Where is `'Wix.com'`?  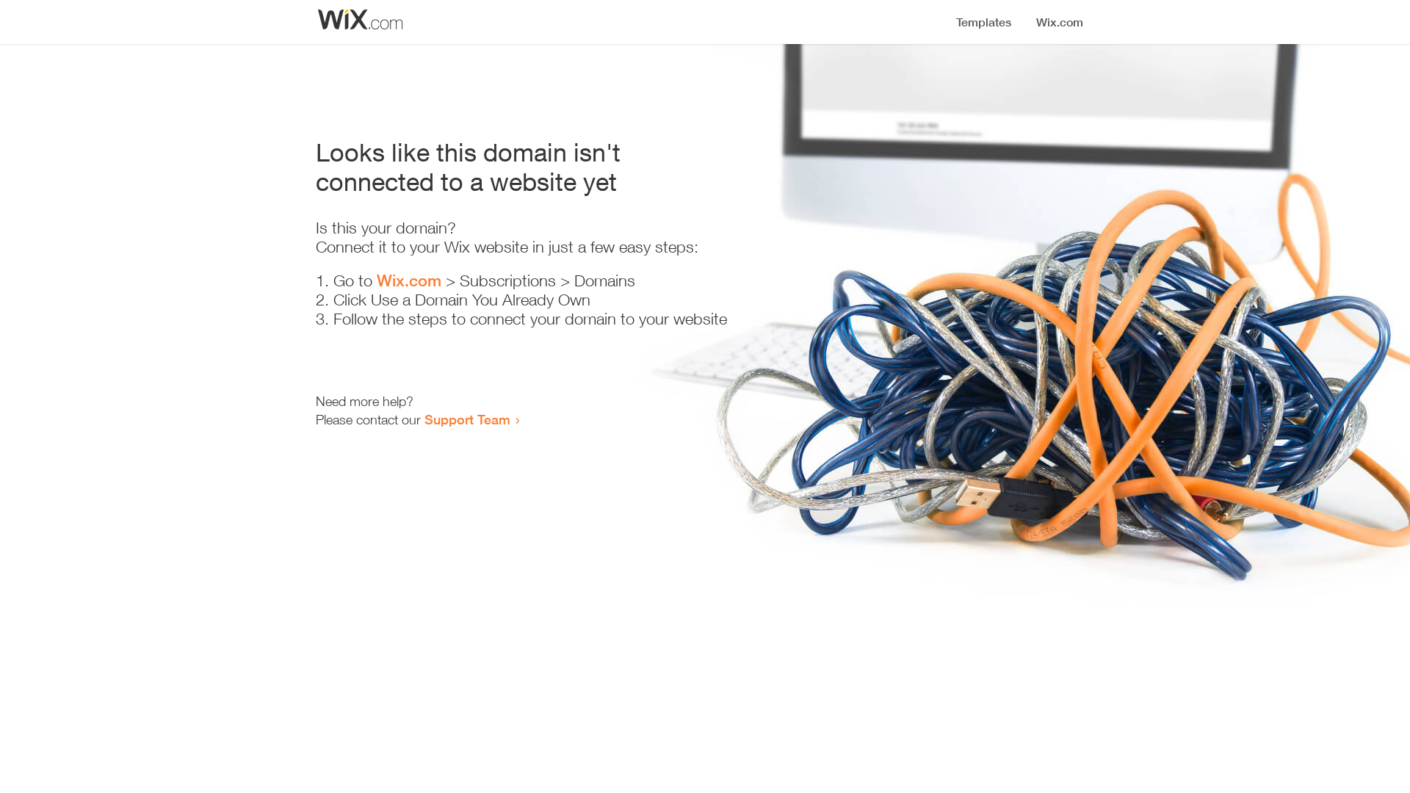 'Wix.com' is located at coordinates (408, 280).